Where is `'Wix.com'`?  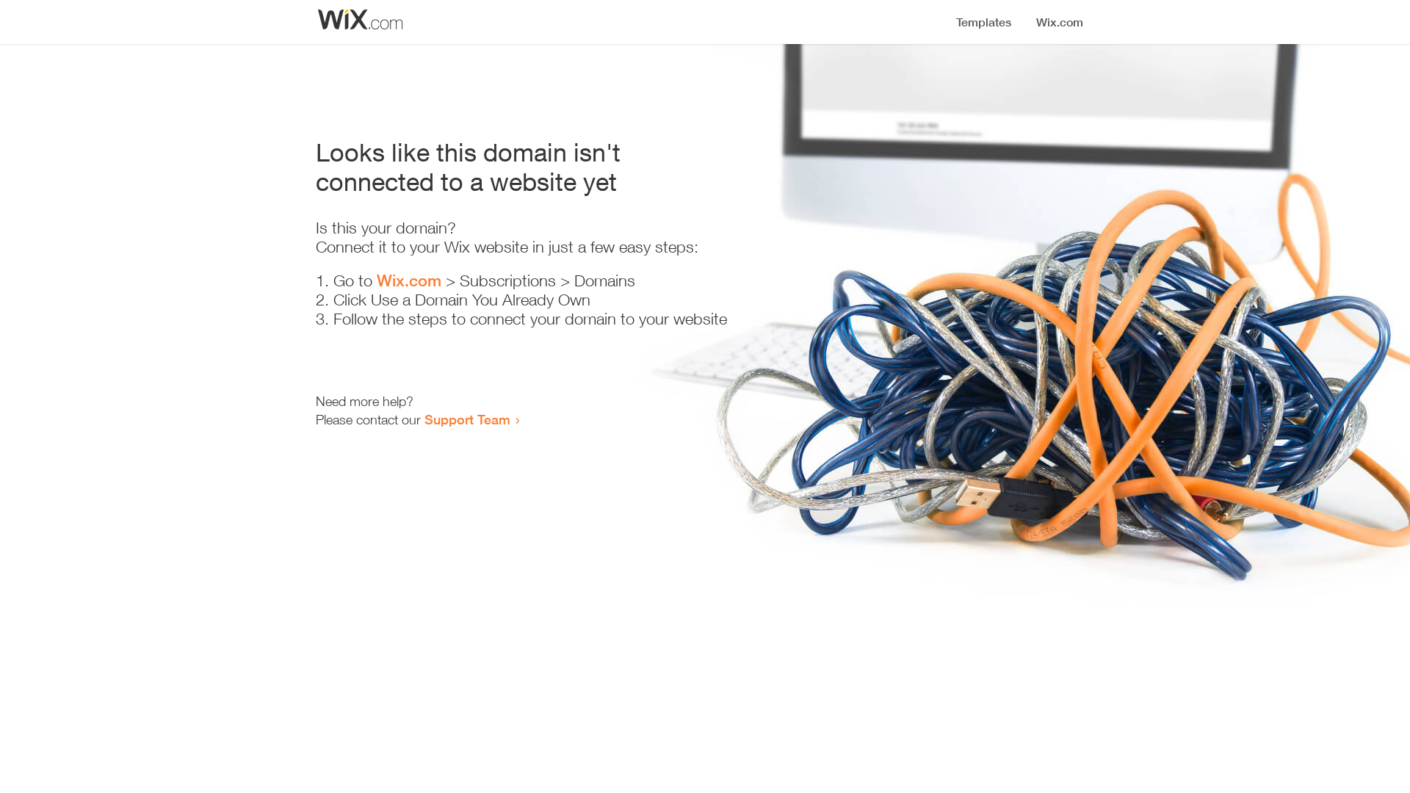 'Wix.com' is located at coordinates (408, 280).